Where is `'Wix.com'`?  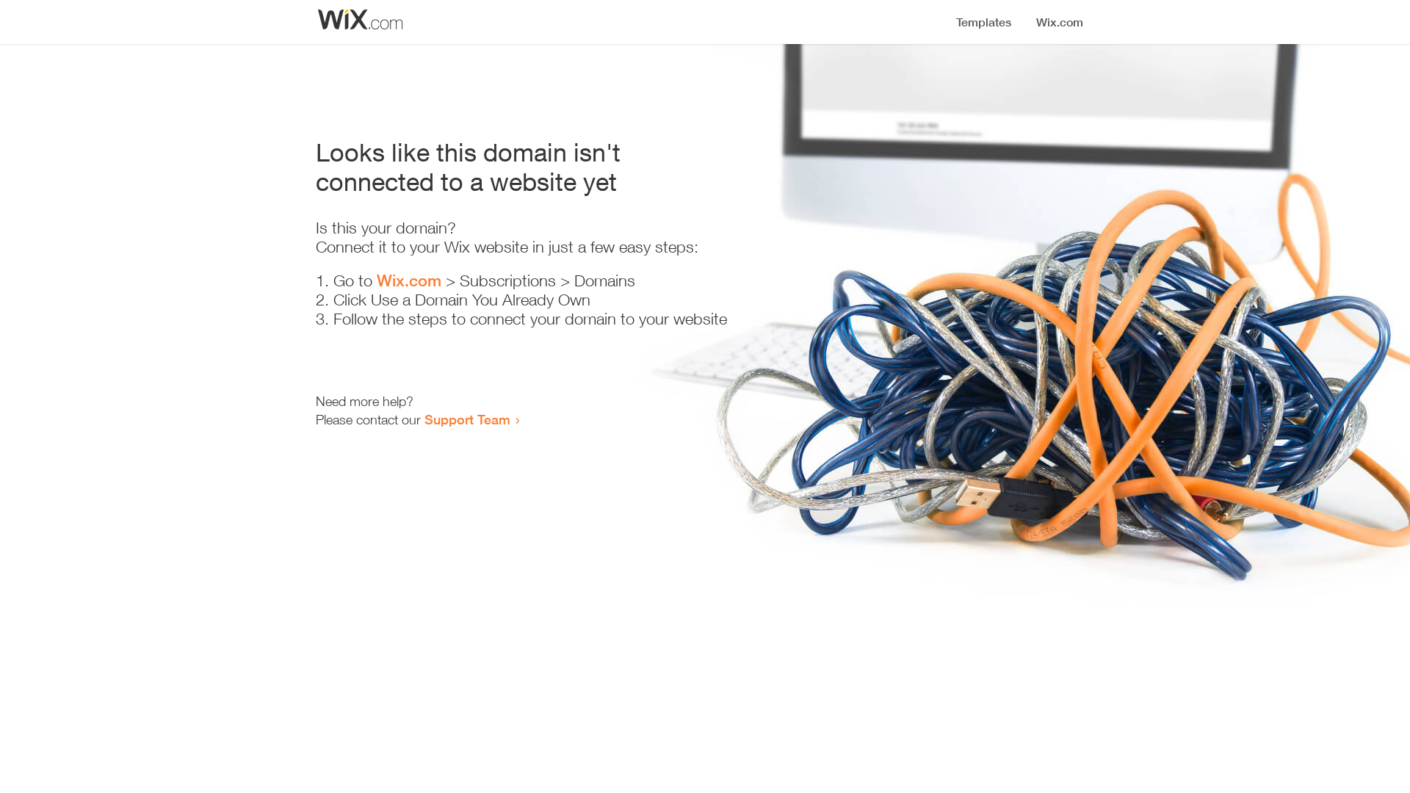 'Wix.com' is located at coordinates (408, 280).